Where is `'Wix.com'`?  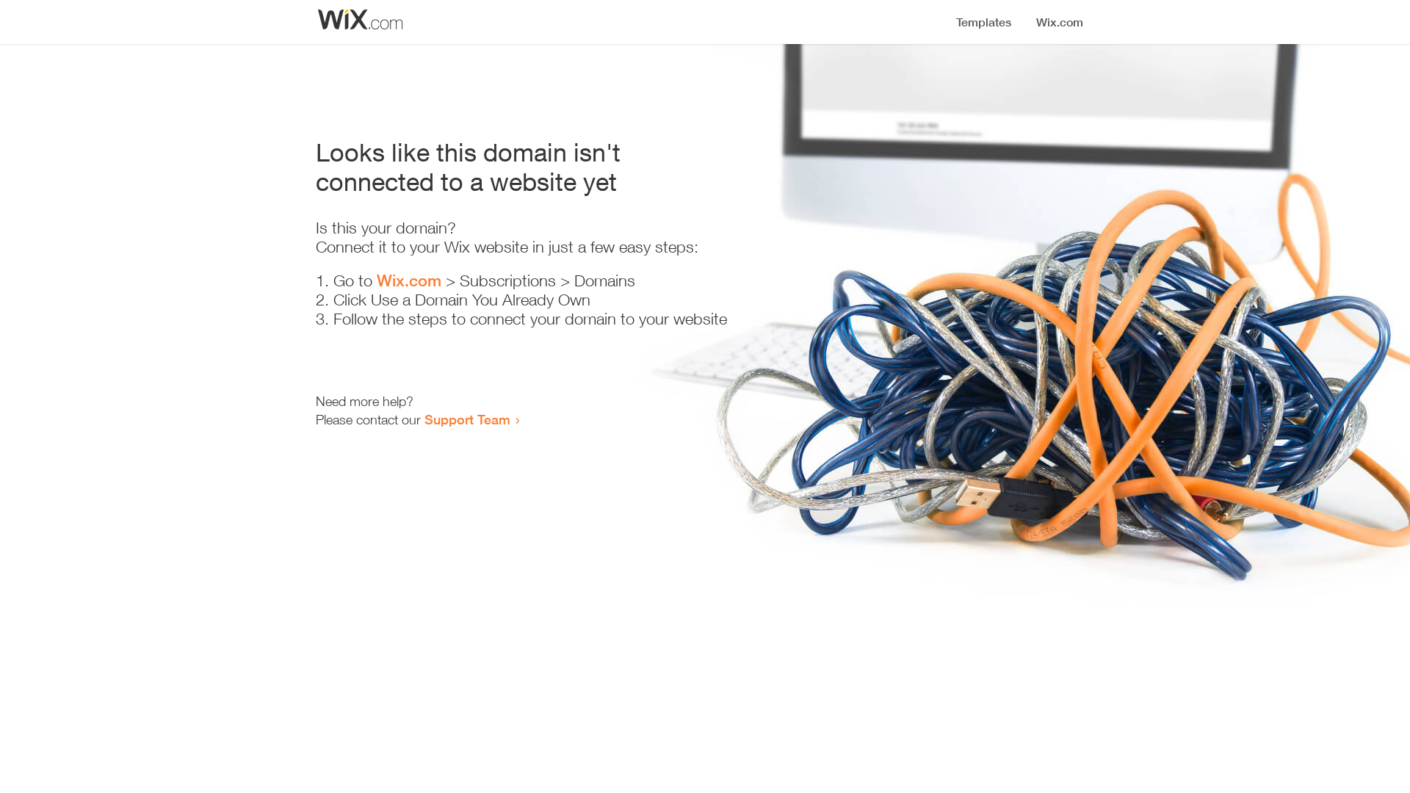 'Wix.com' is located at coordinates (408, 280).